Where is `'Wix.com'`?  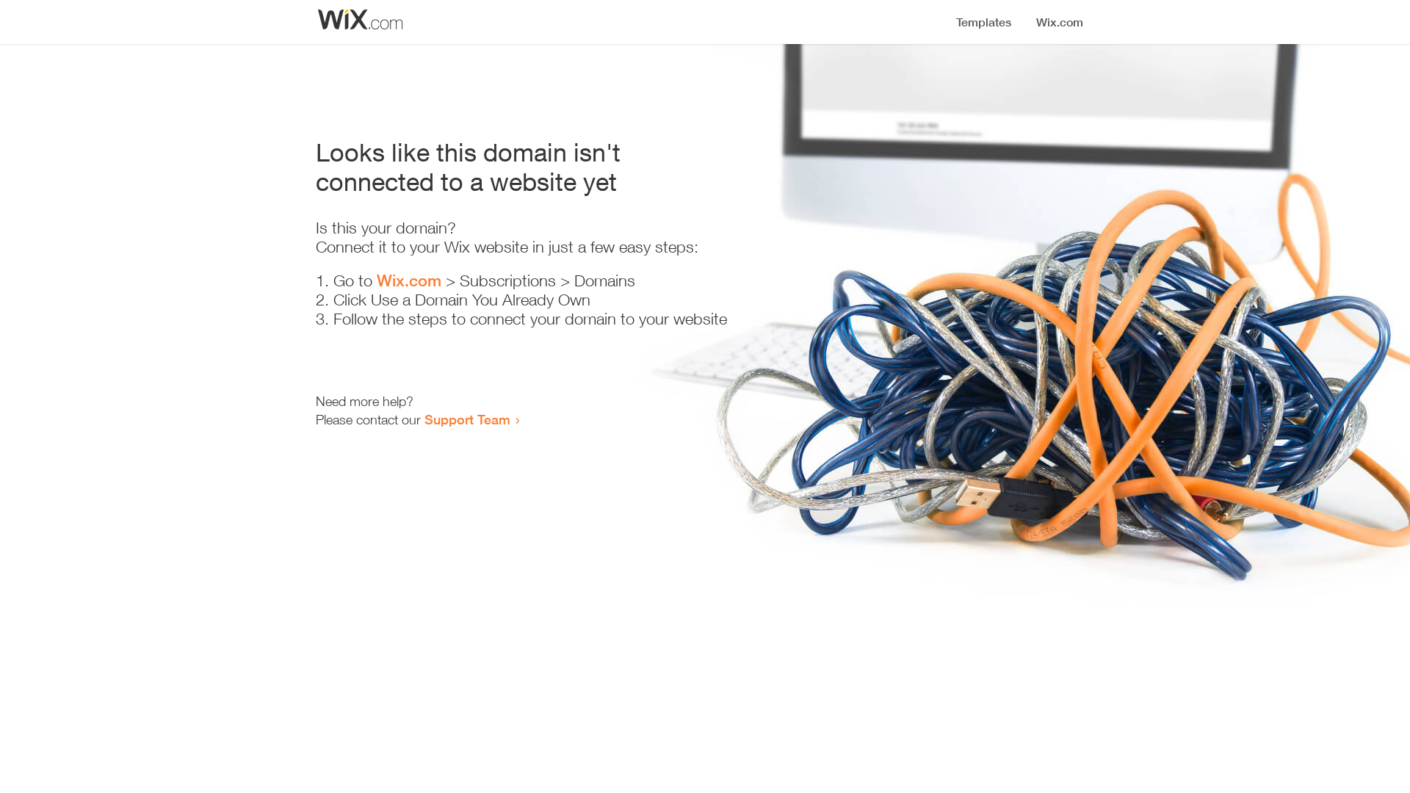 'Wix.com' is located at coordinates (408, 280).